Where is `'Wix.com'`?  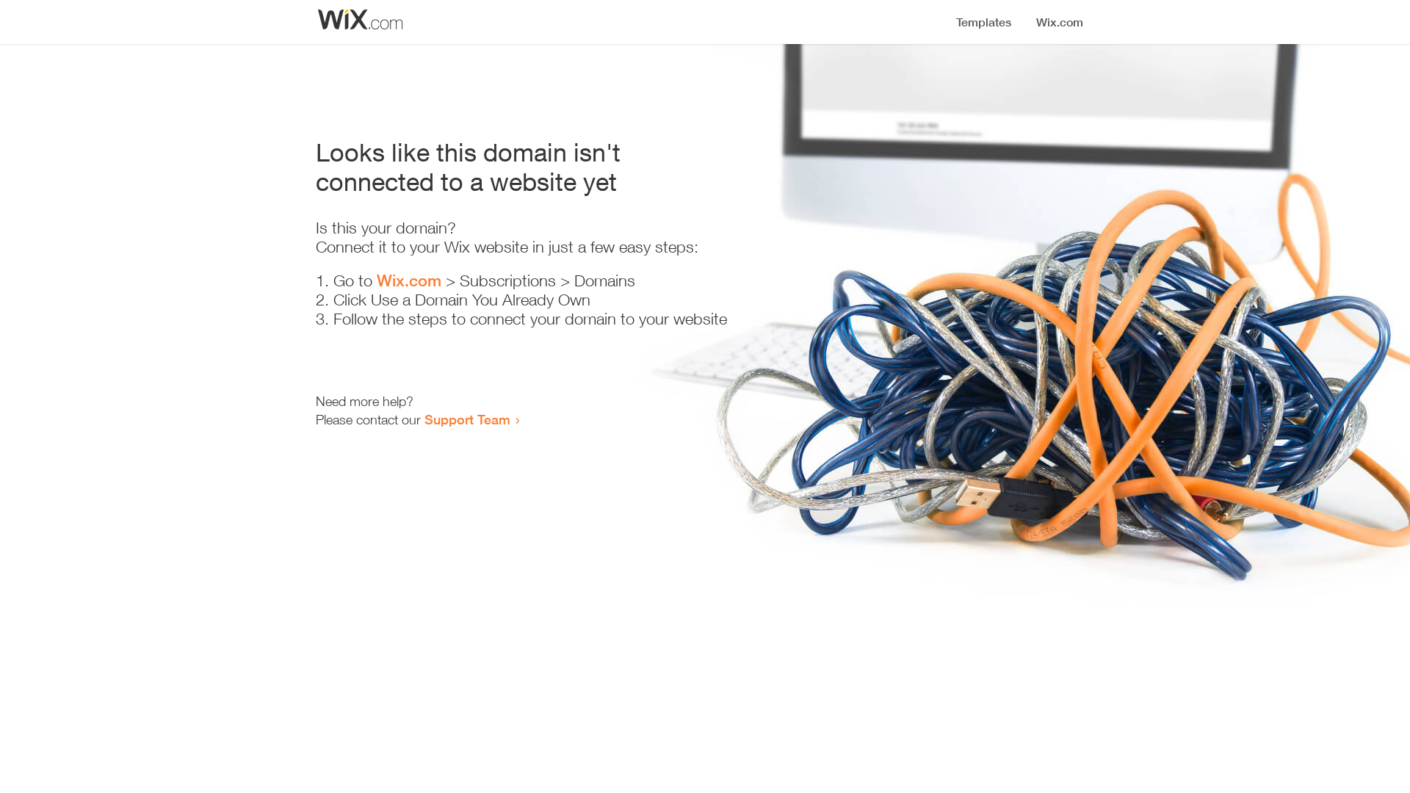 'Wix.com' is located at coordinates (408, 280).